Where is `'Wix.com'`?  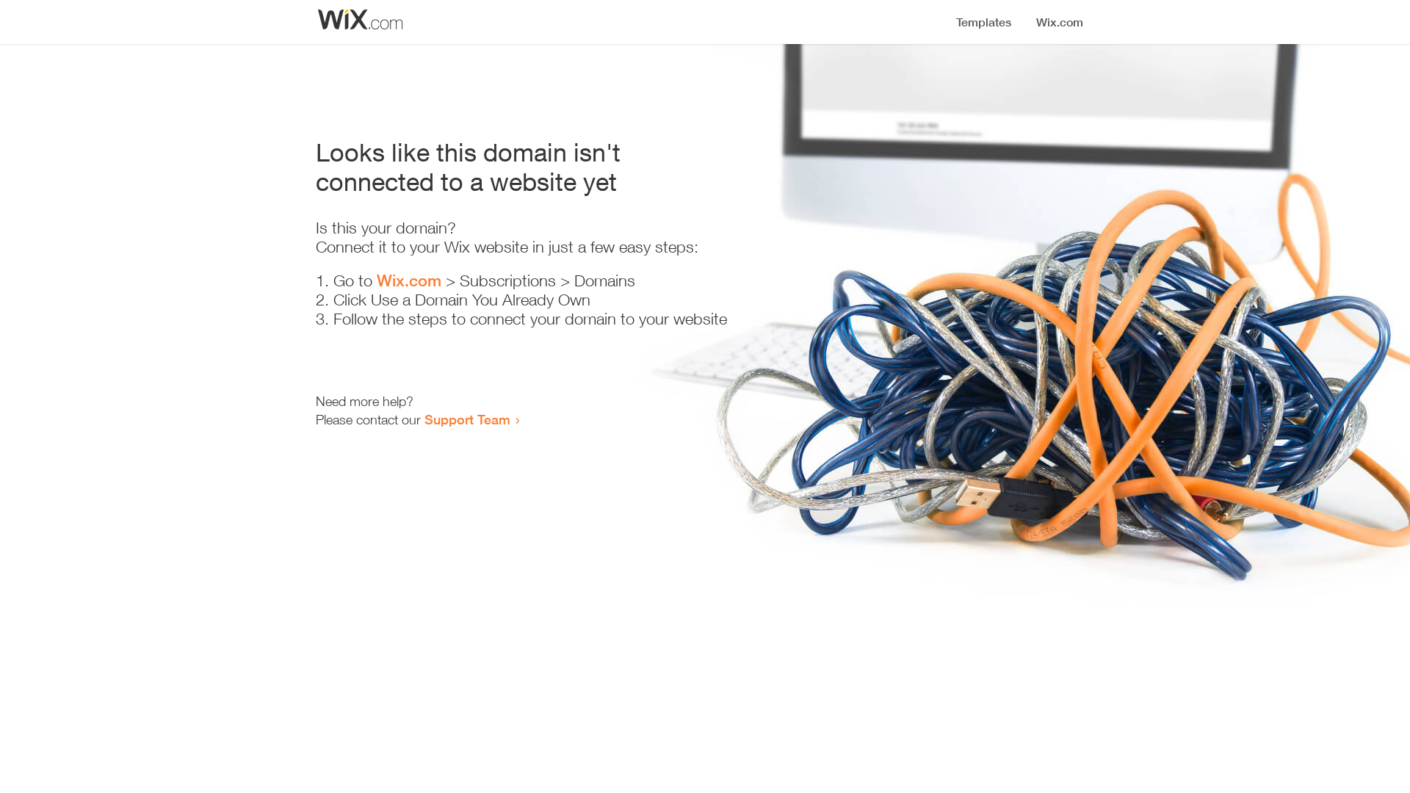 'Wix.com' is located at coordinates (408, 280).